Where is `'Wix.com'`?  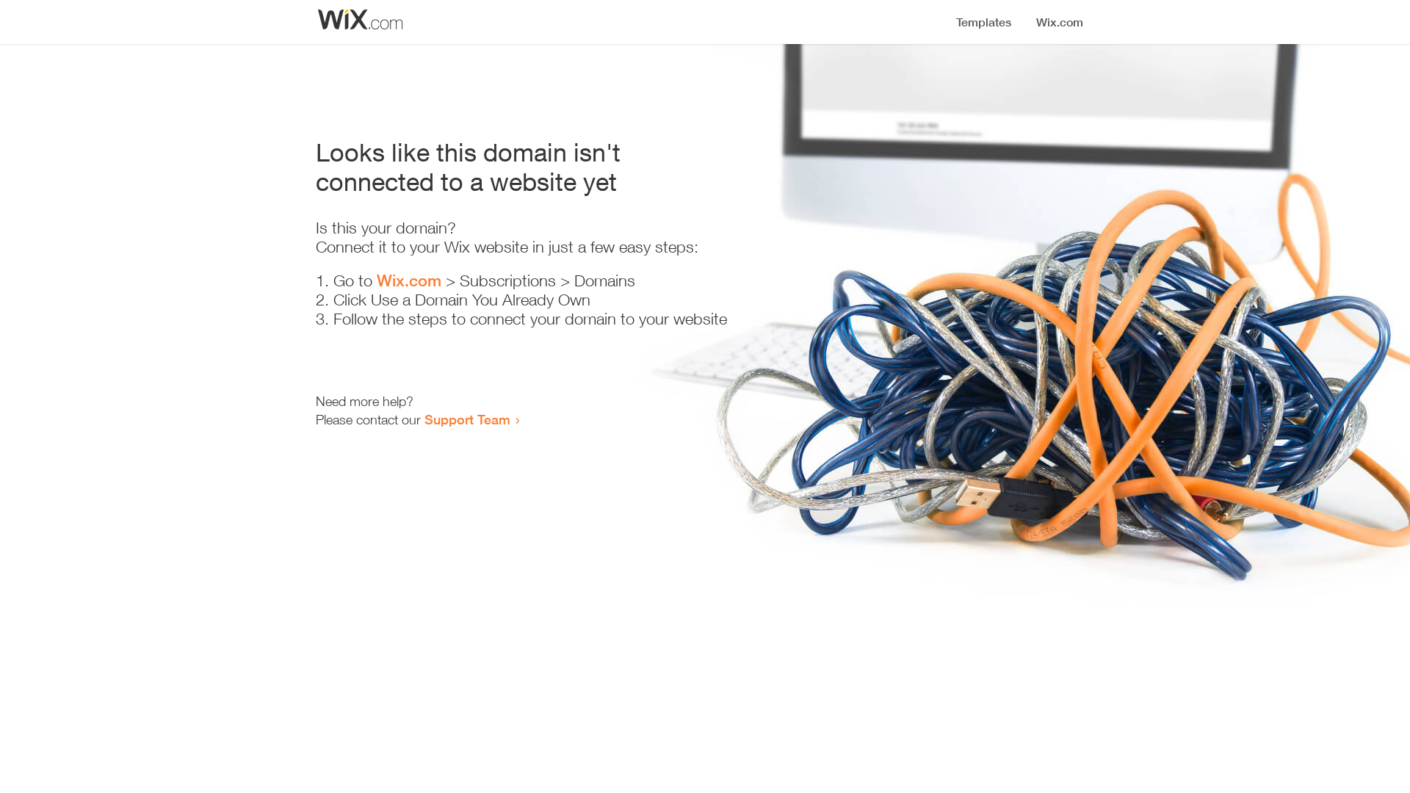 'Wix.com' is located at coordinates (408, 280).